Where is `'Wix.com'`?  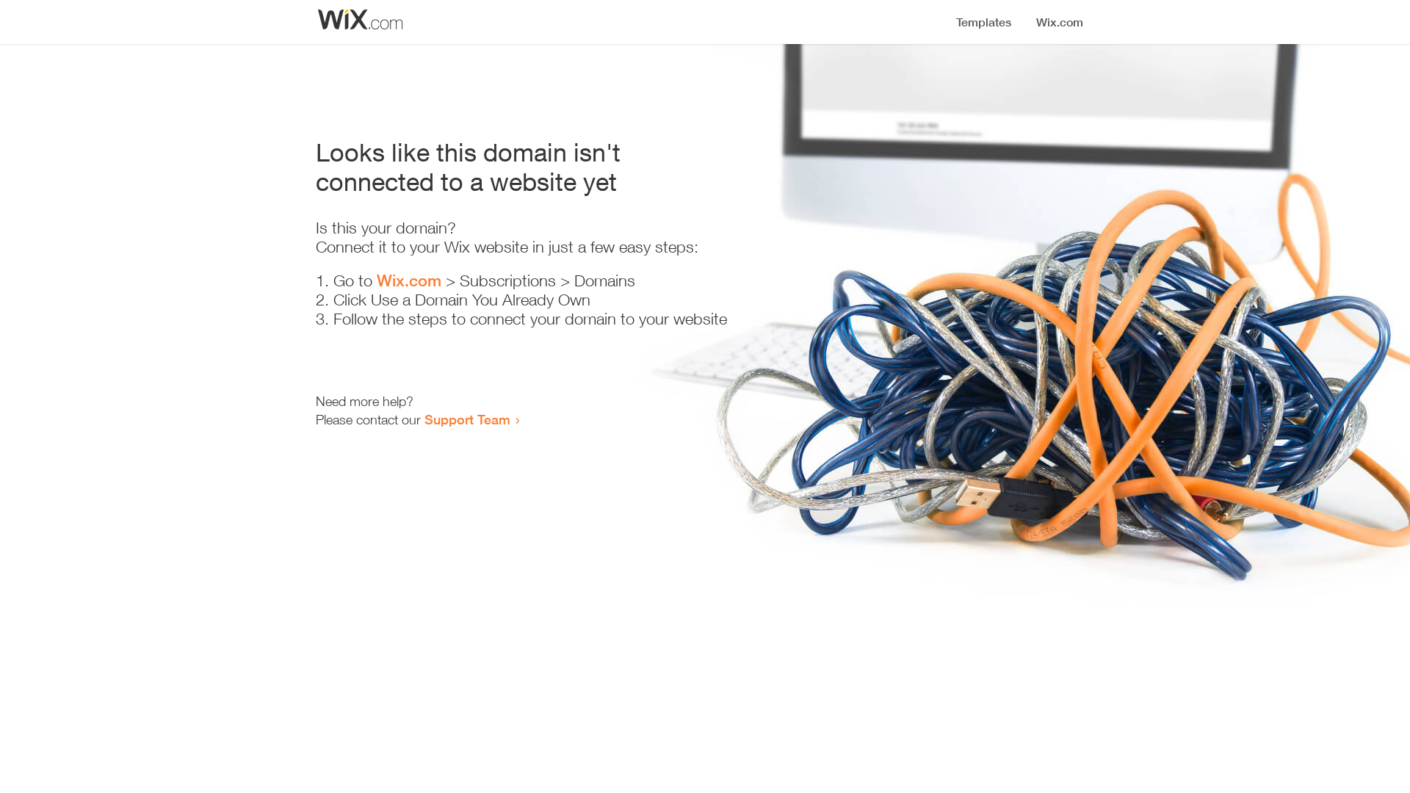 'Wix.com' is located at coordinates (408, 280).